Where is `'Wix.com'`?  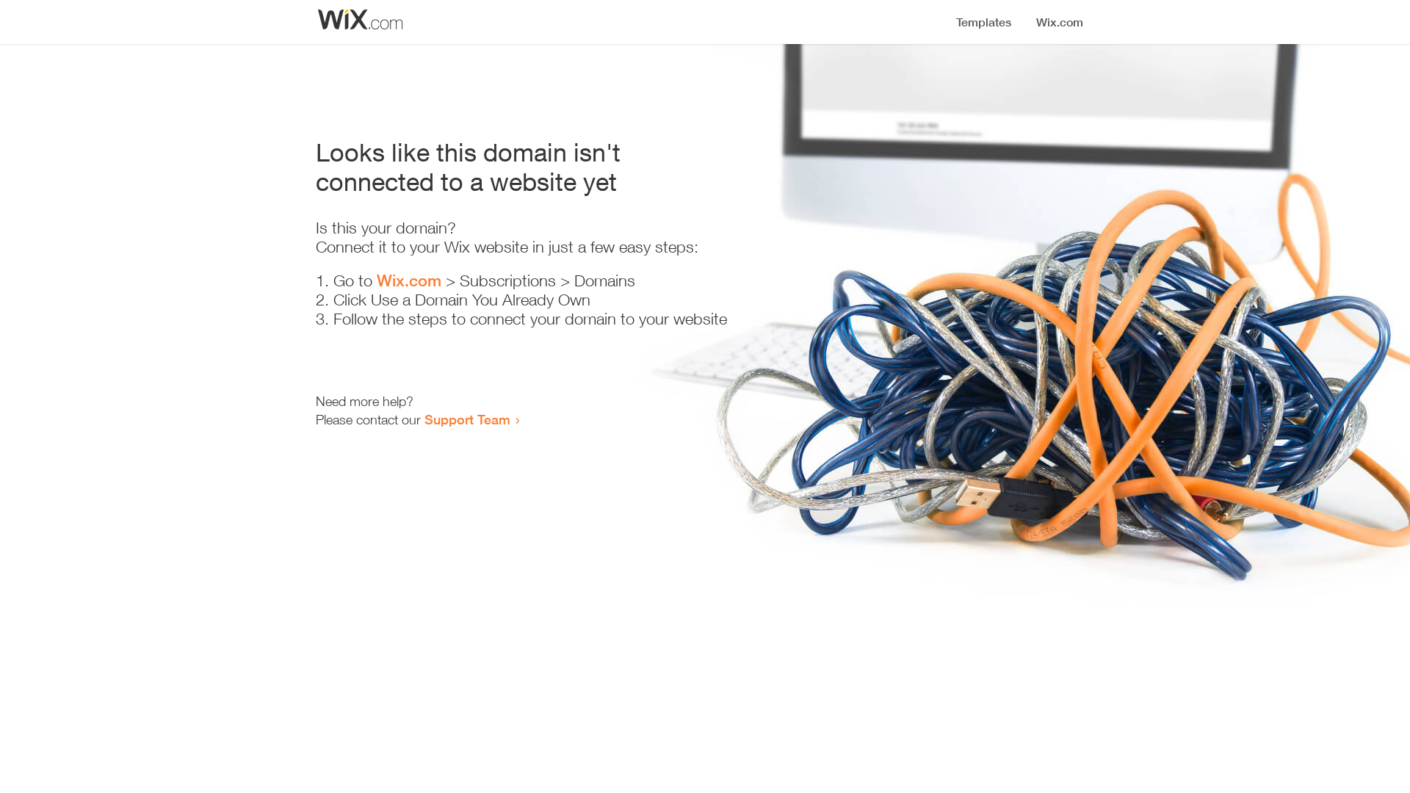 'Wix.com' is located at coordinates (408, 280).